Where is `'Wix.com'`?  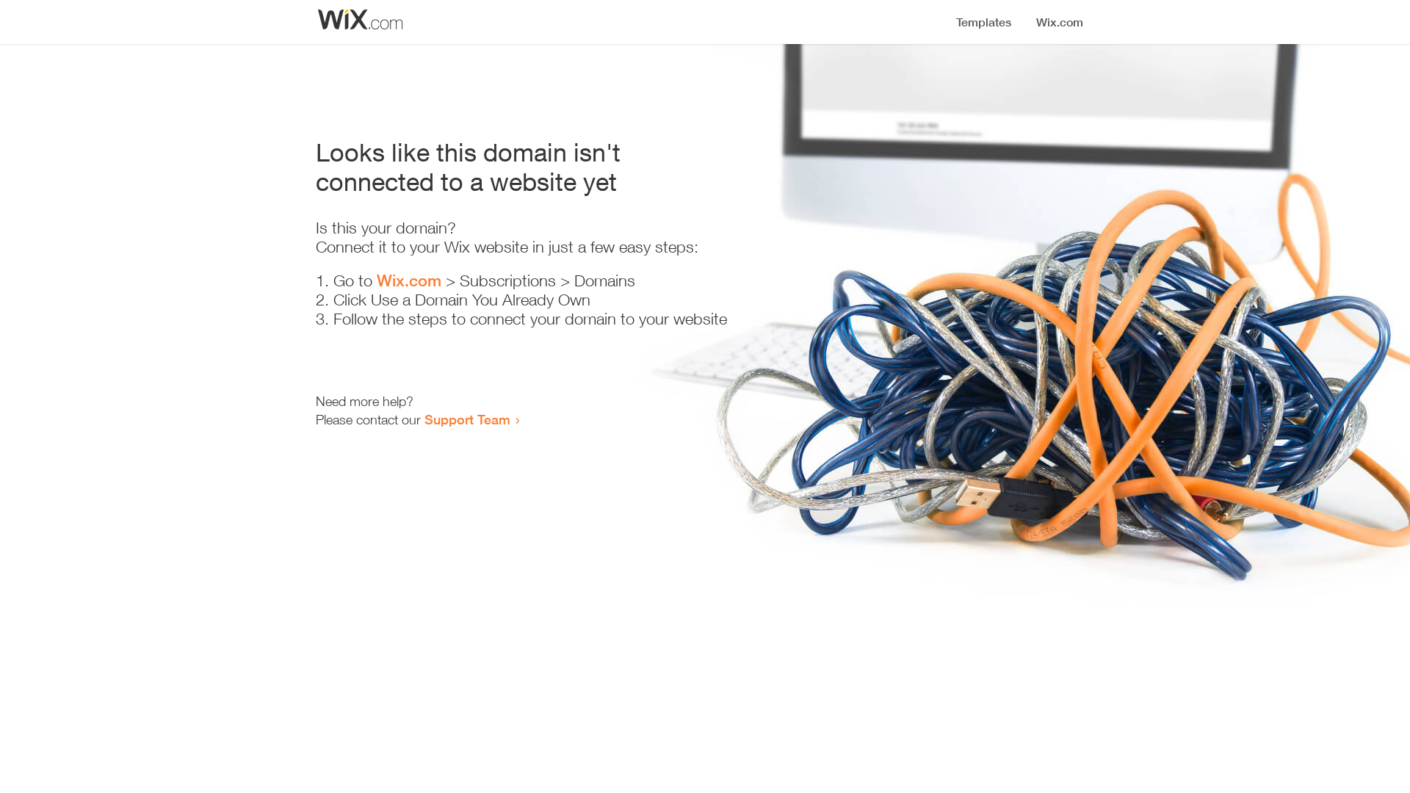 'Wix.com' is located at coordinates (408, 280).